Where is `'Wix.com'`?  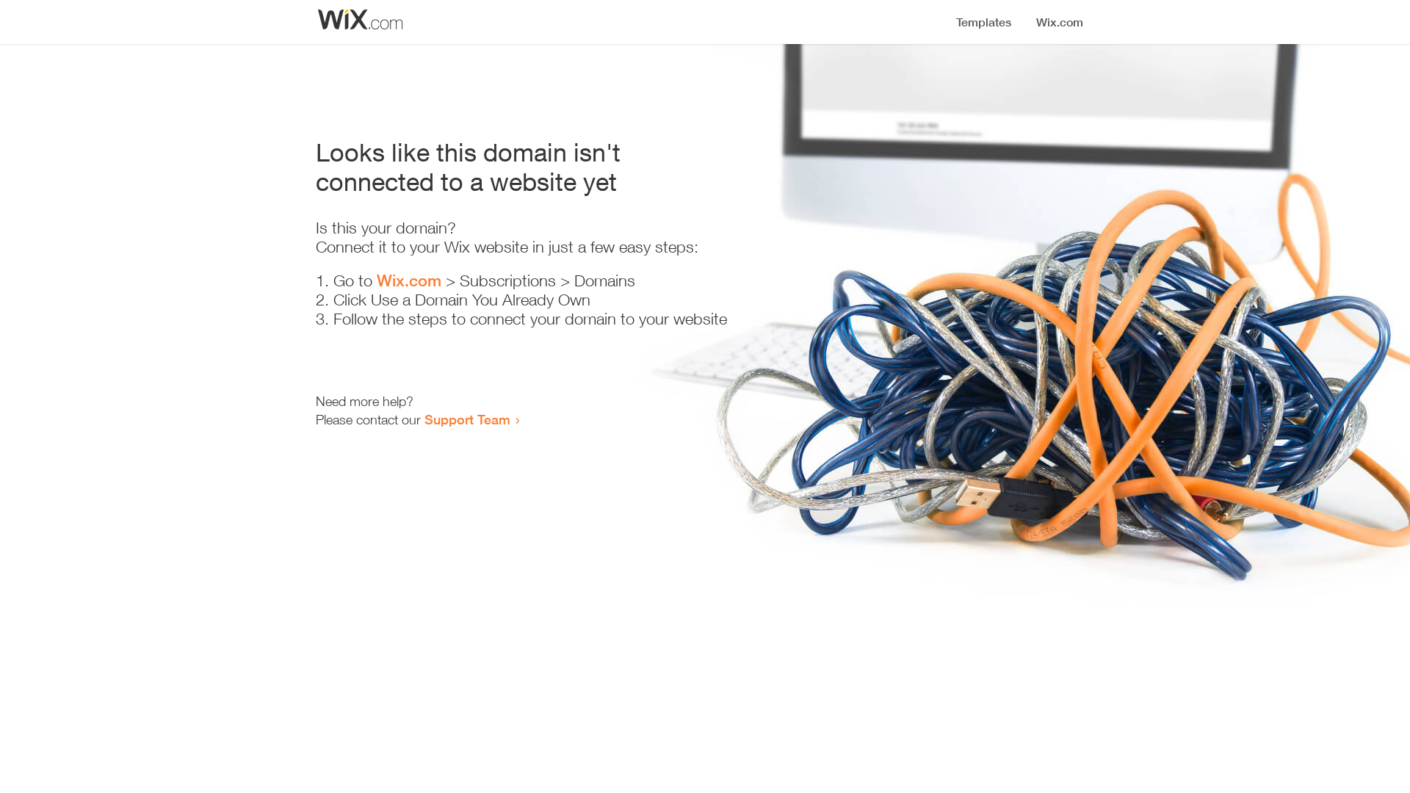 'Wix.com' is located at coordinates (408, 280).